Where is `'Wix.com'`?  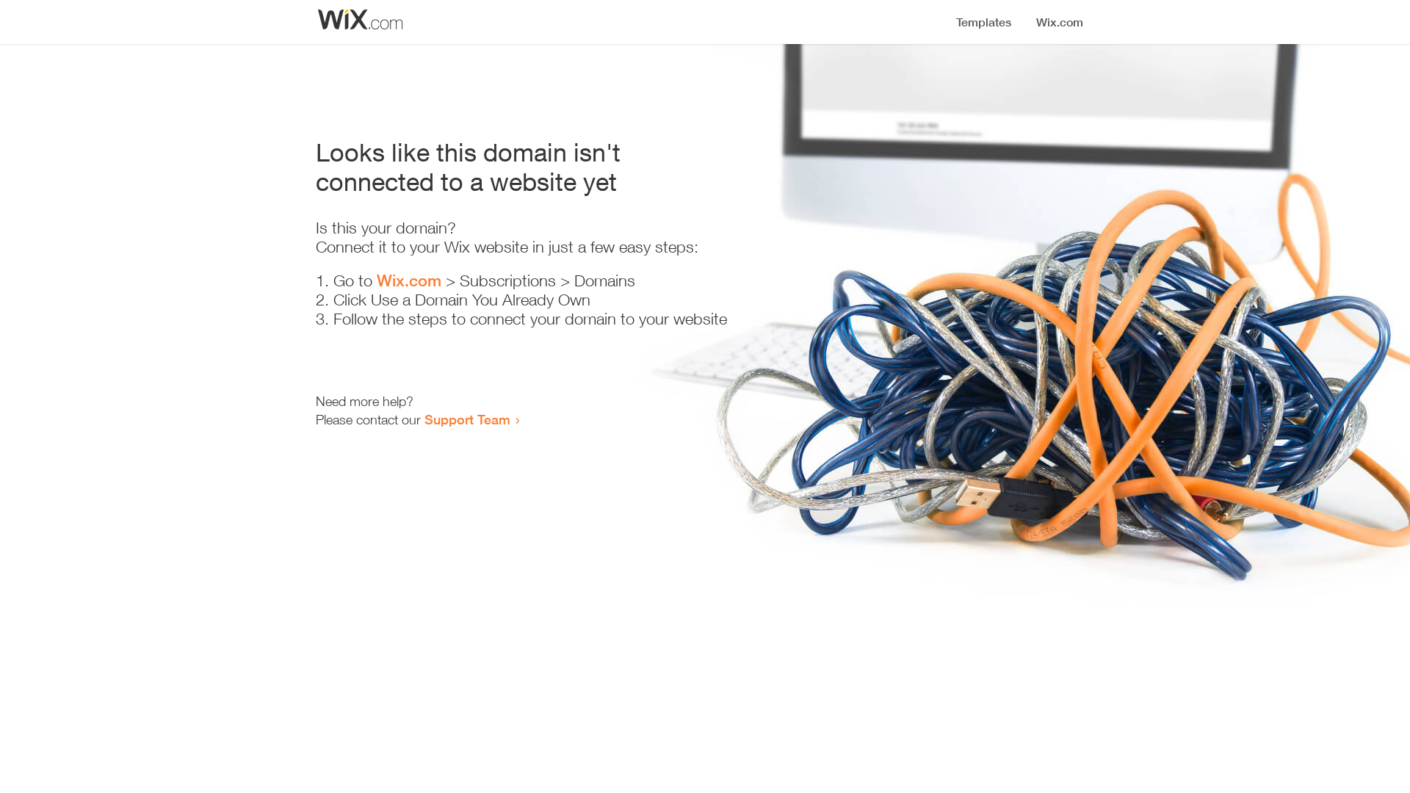 'Wix.com' is located at coordinates (408, 280).